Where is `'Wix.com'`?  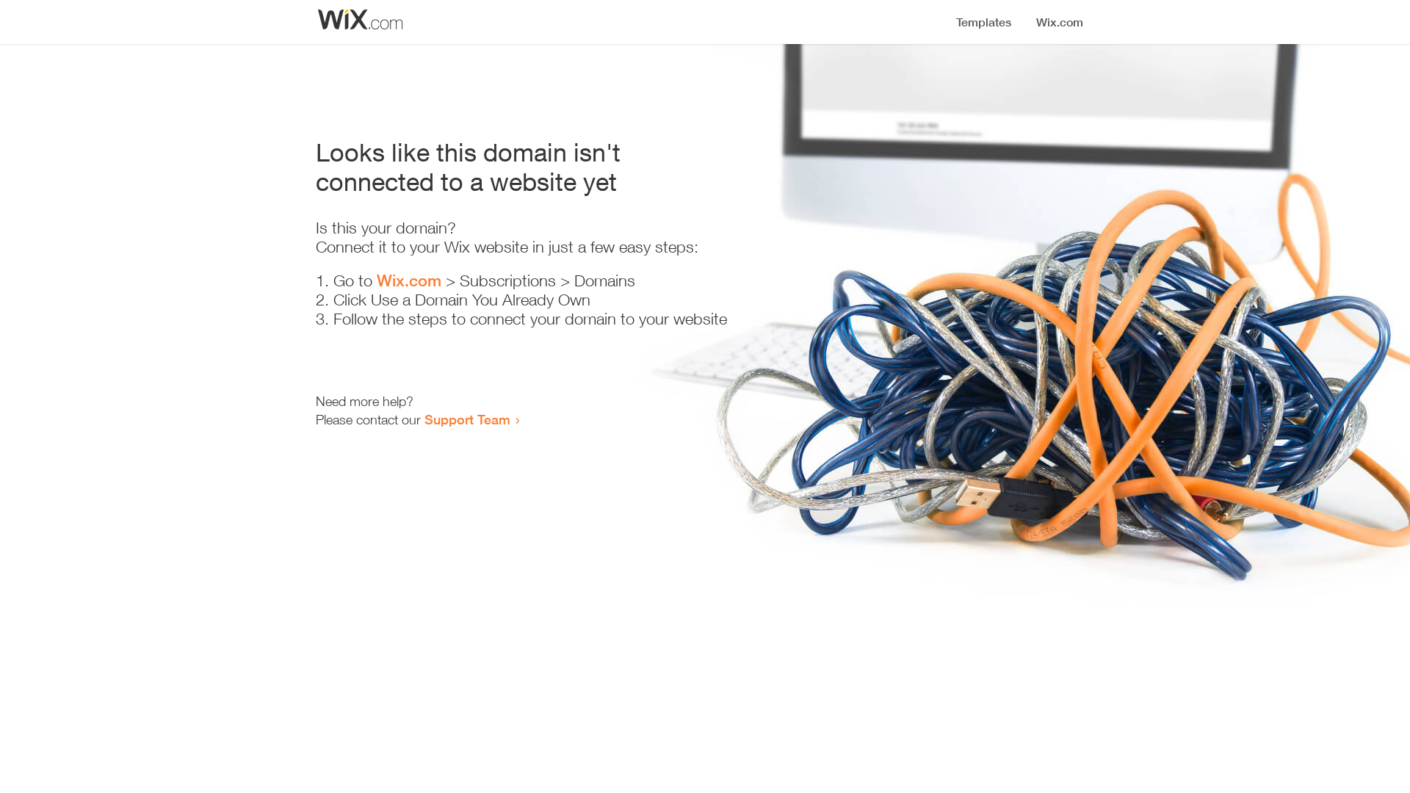 'Wix.com' is located at coordinates (408, 280).